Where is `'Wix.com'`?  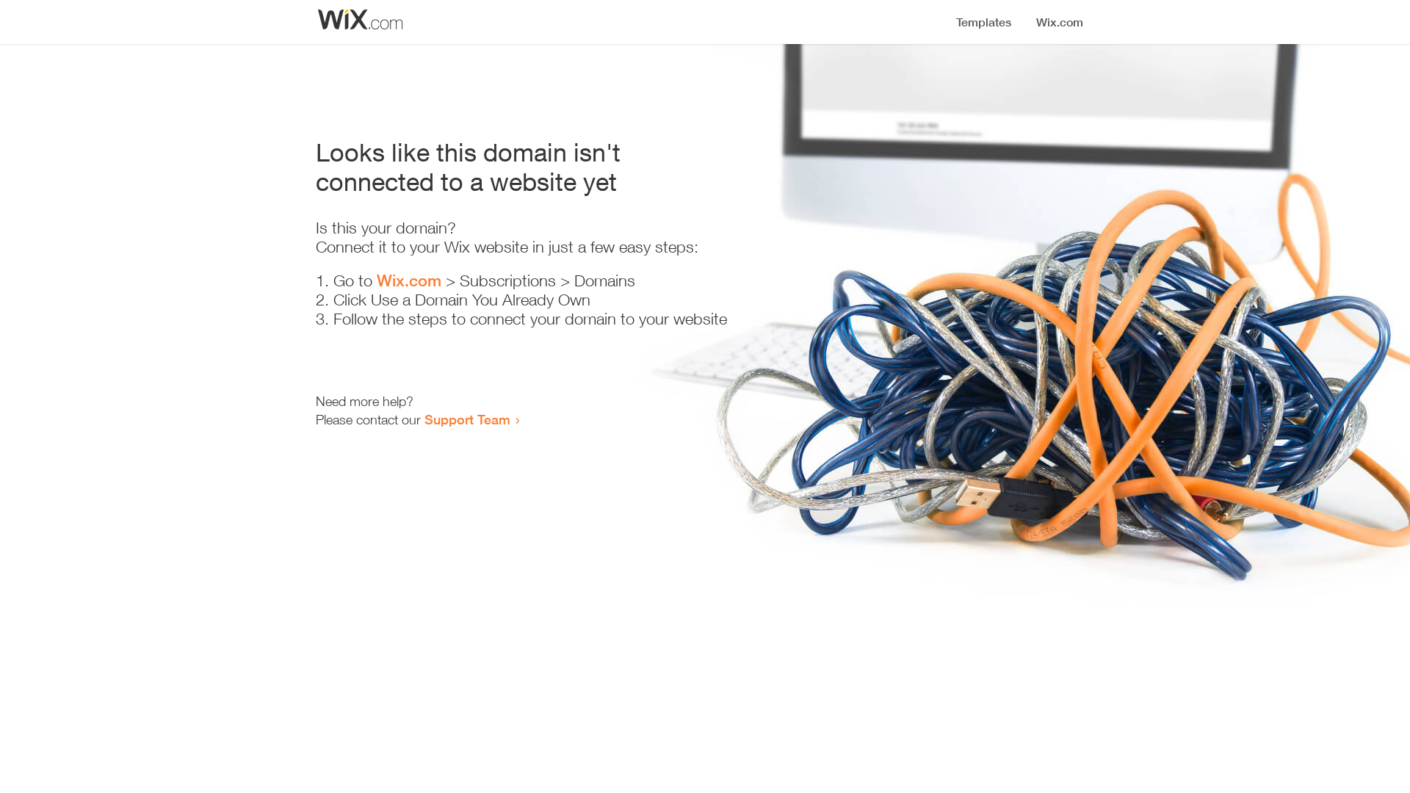 'Wix.com' is located at coordinates (408, 280).